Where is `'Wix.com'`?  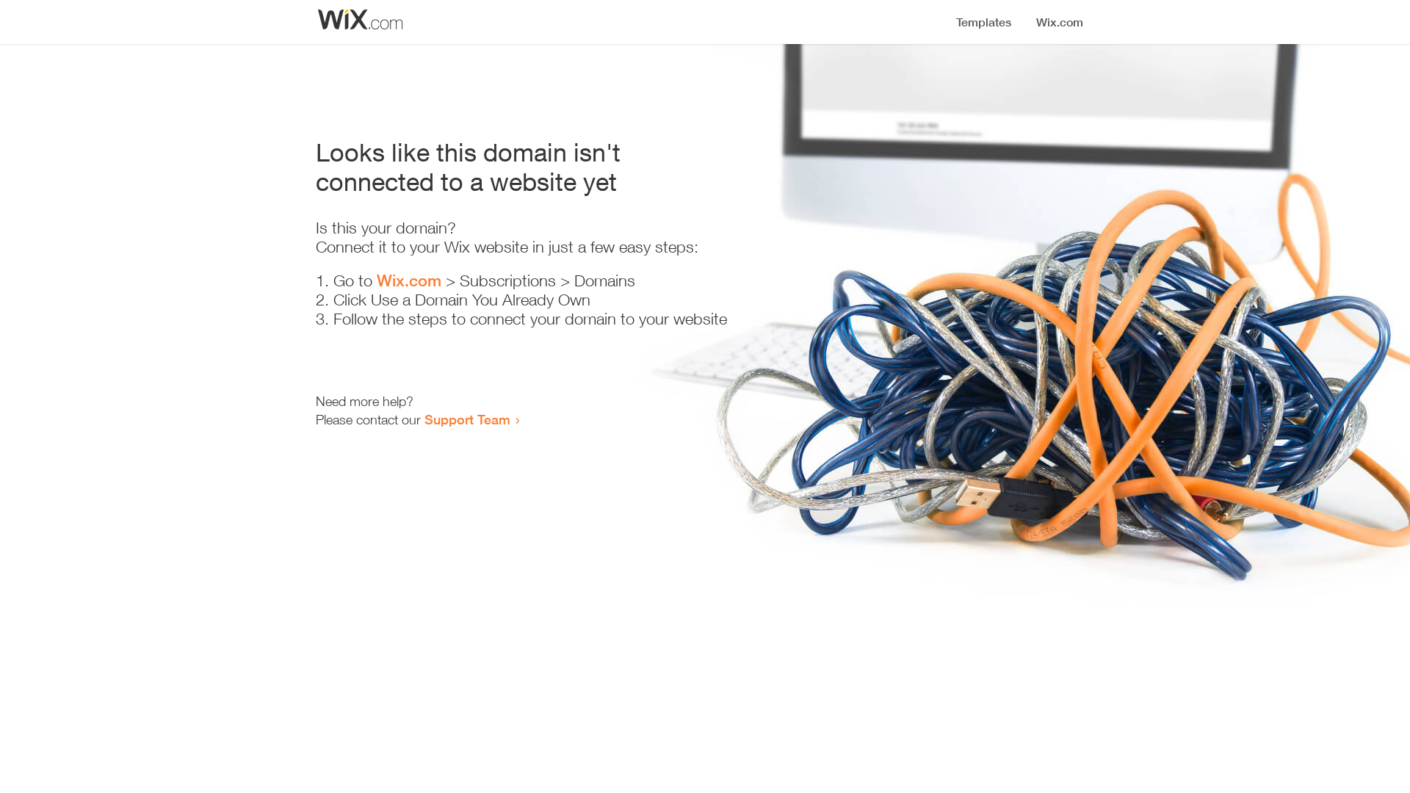 'Wix.com' is located at coordinates (408, 280).